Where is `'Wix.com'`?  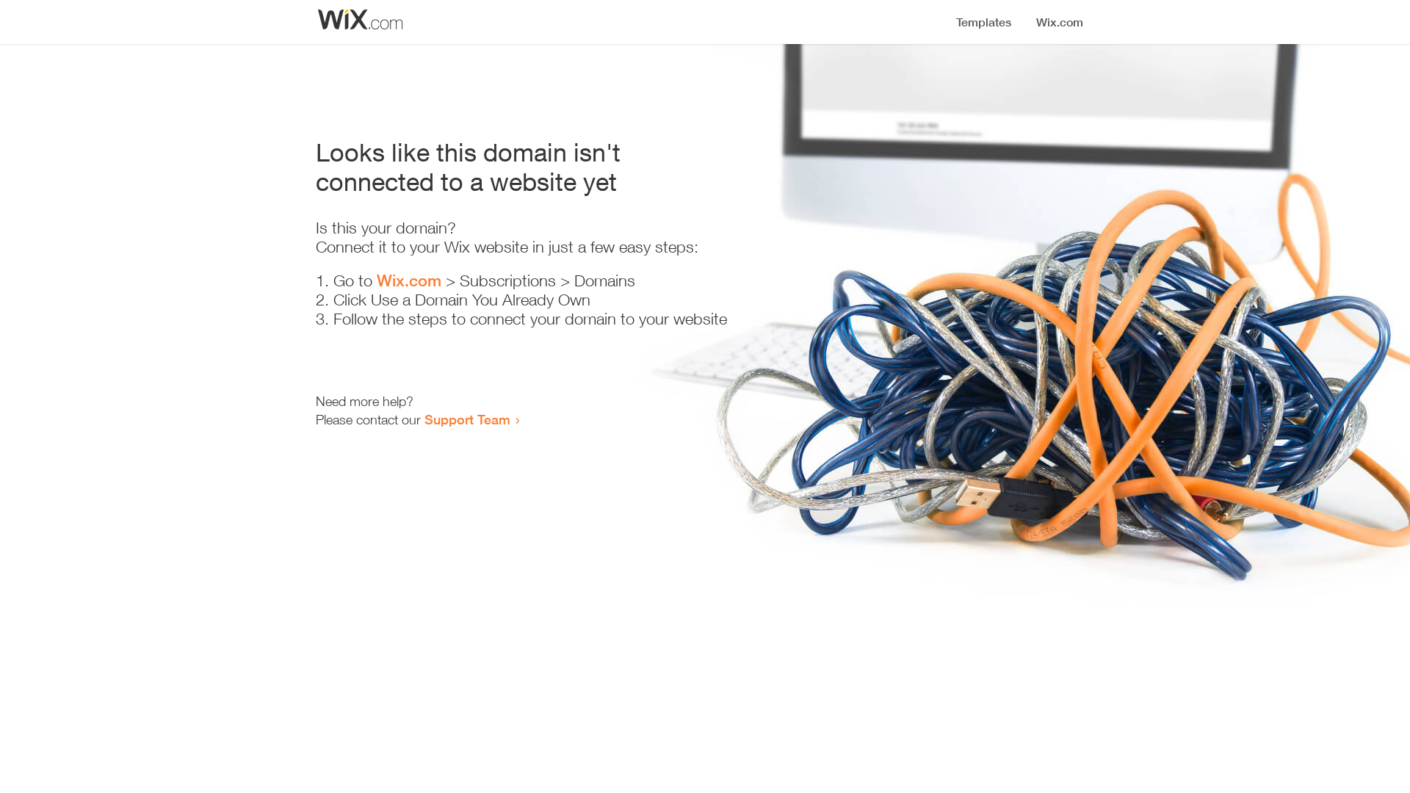 'Wix.com' is located at coordinates (408, 280).